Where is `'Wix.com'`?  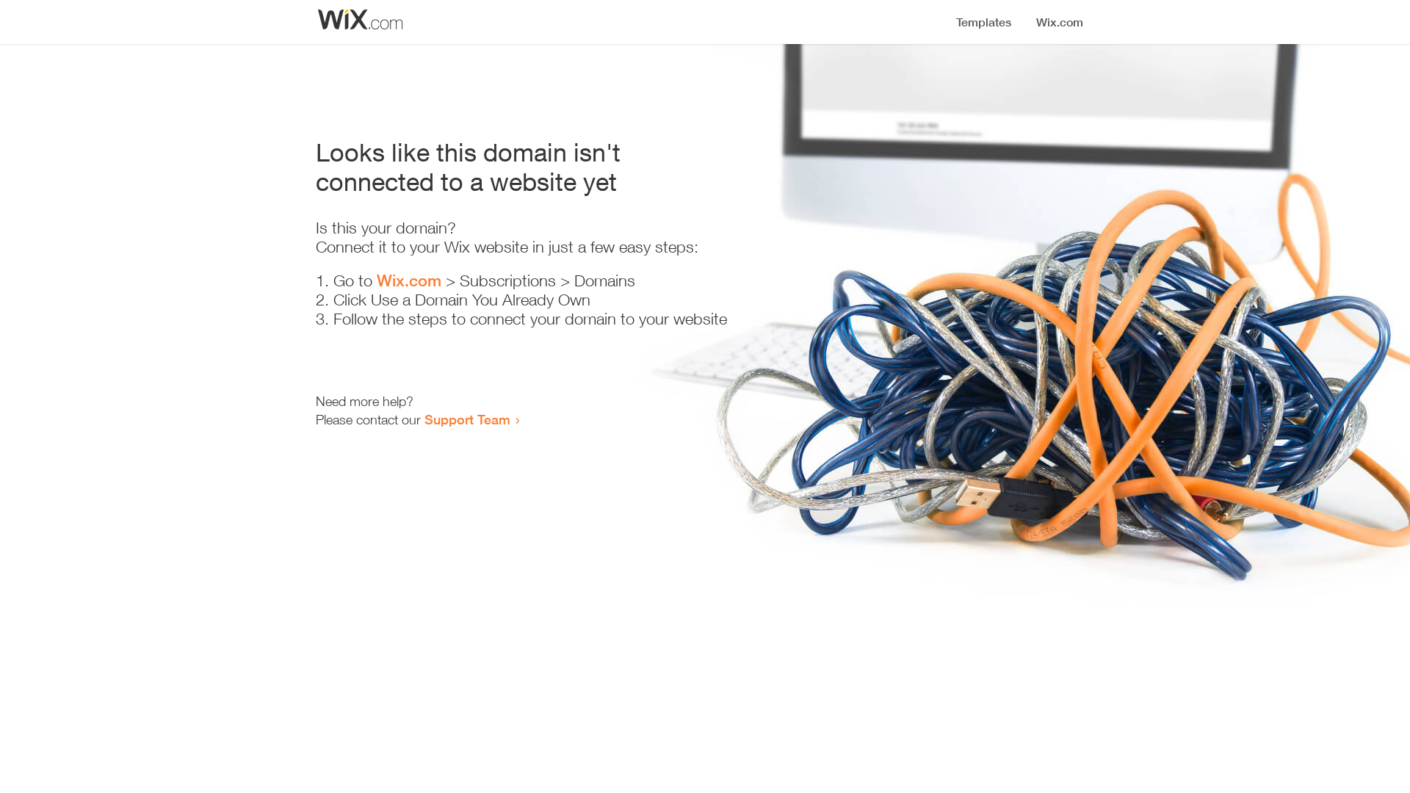 'Wix.com' is located at coordinates (408, 280).